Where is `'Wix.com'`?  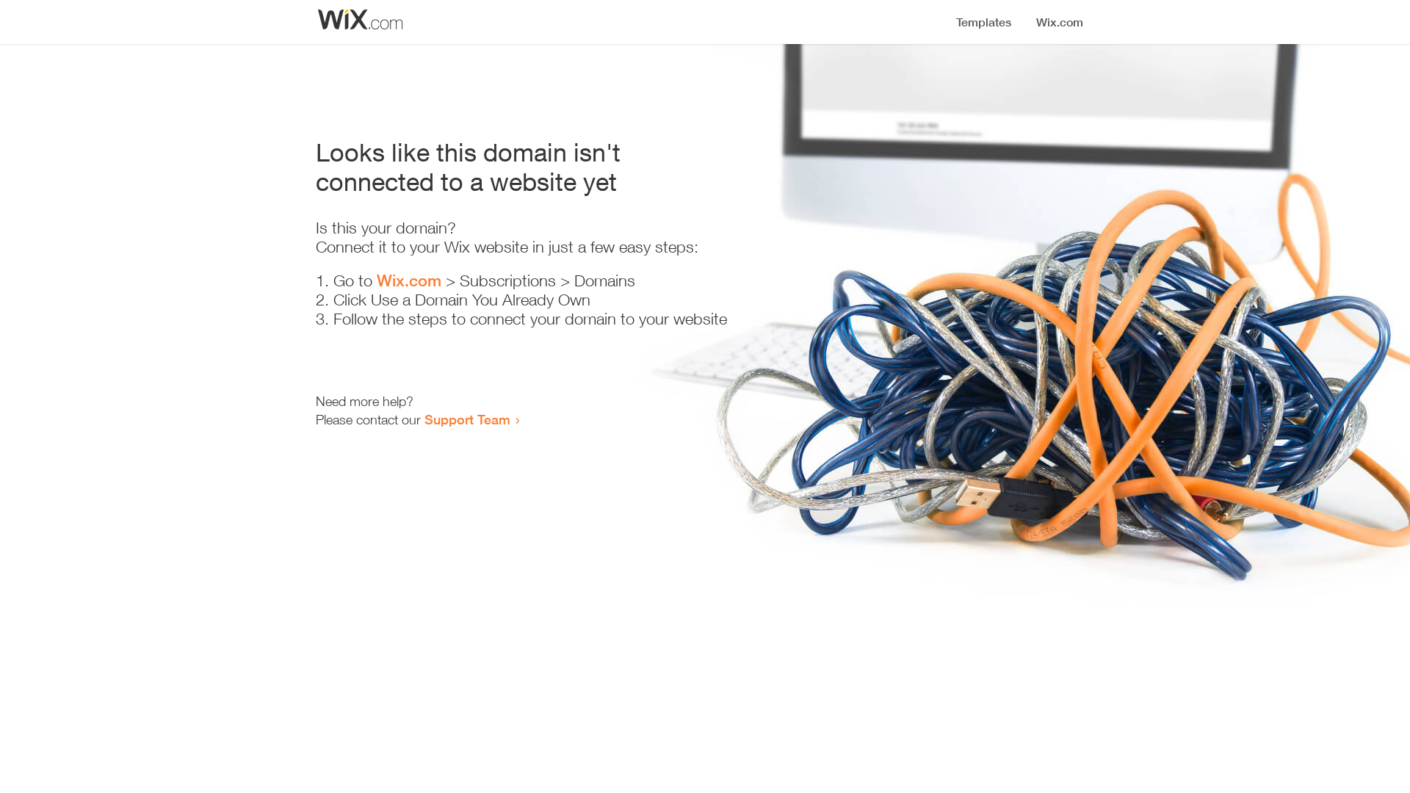 'Wix.com' is located at coordinates (408, 280).